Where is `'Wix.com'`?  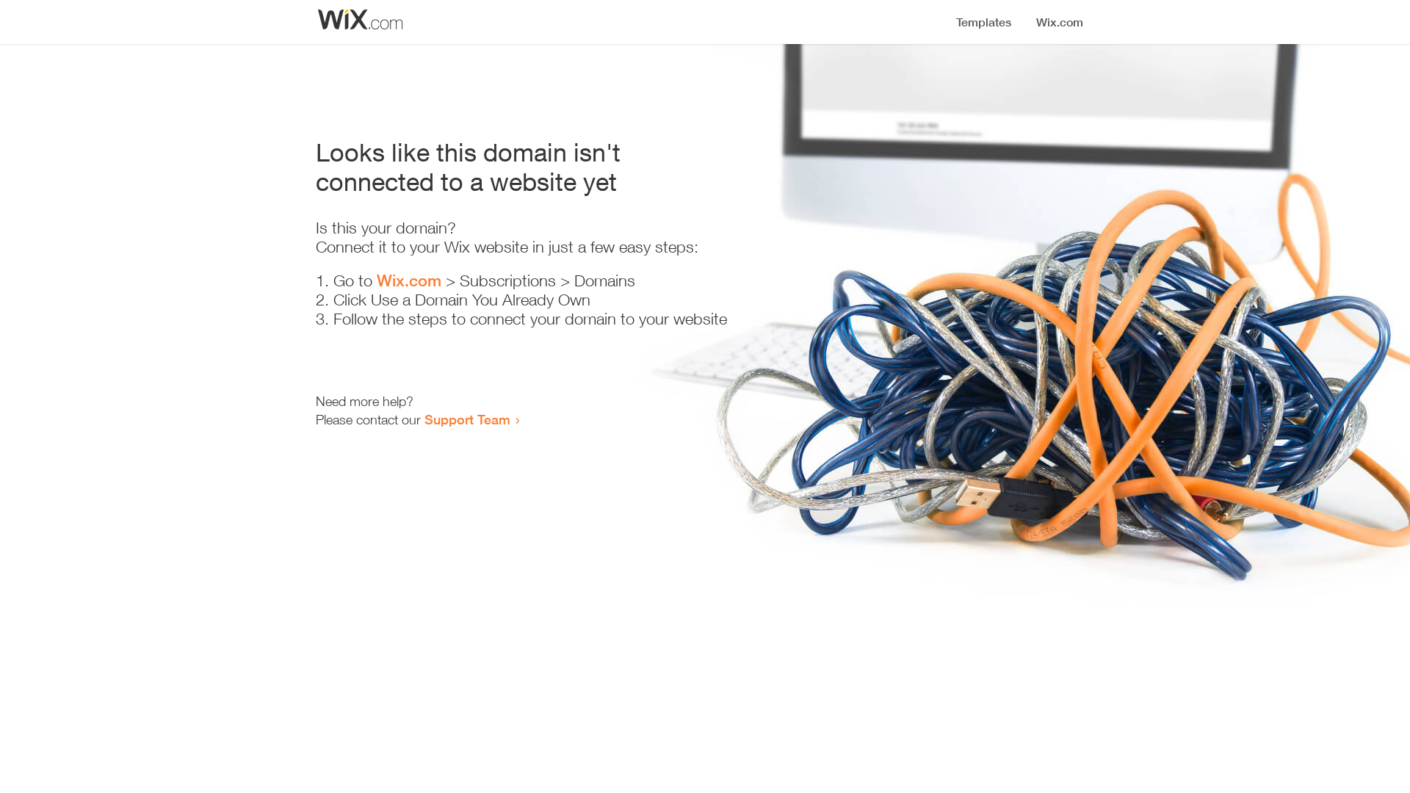 'Wix.com' is located at coordinates (408, 280).